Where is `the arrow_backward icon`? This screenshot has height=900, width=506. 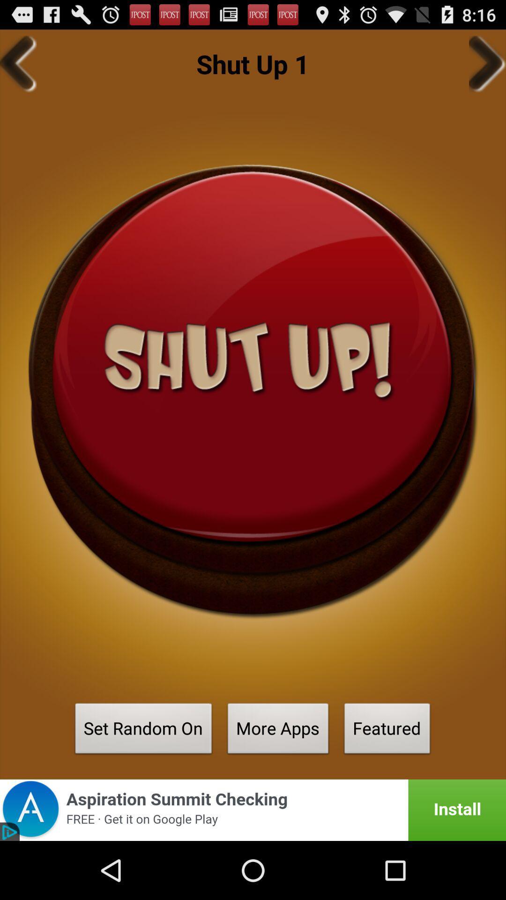
the arrow_backward icon is located at coordinates (18, 68).